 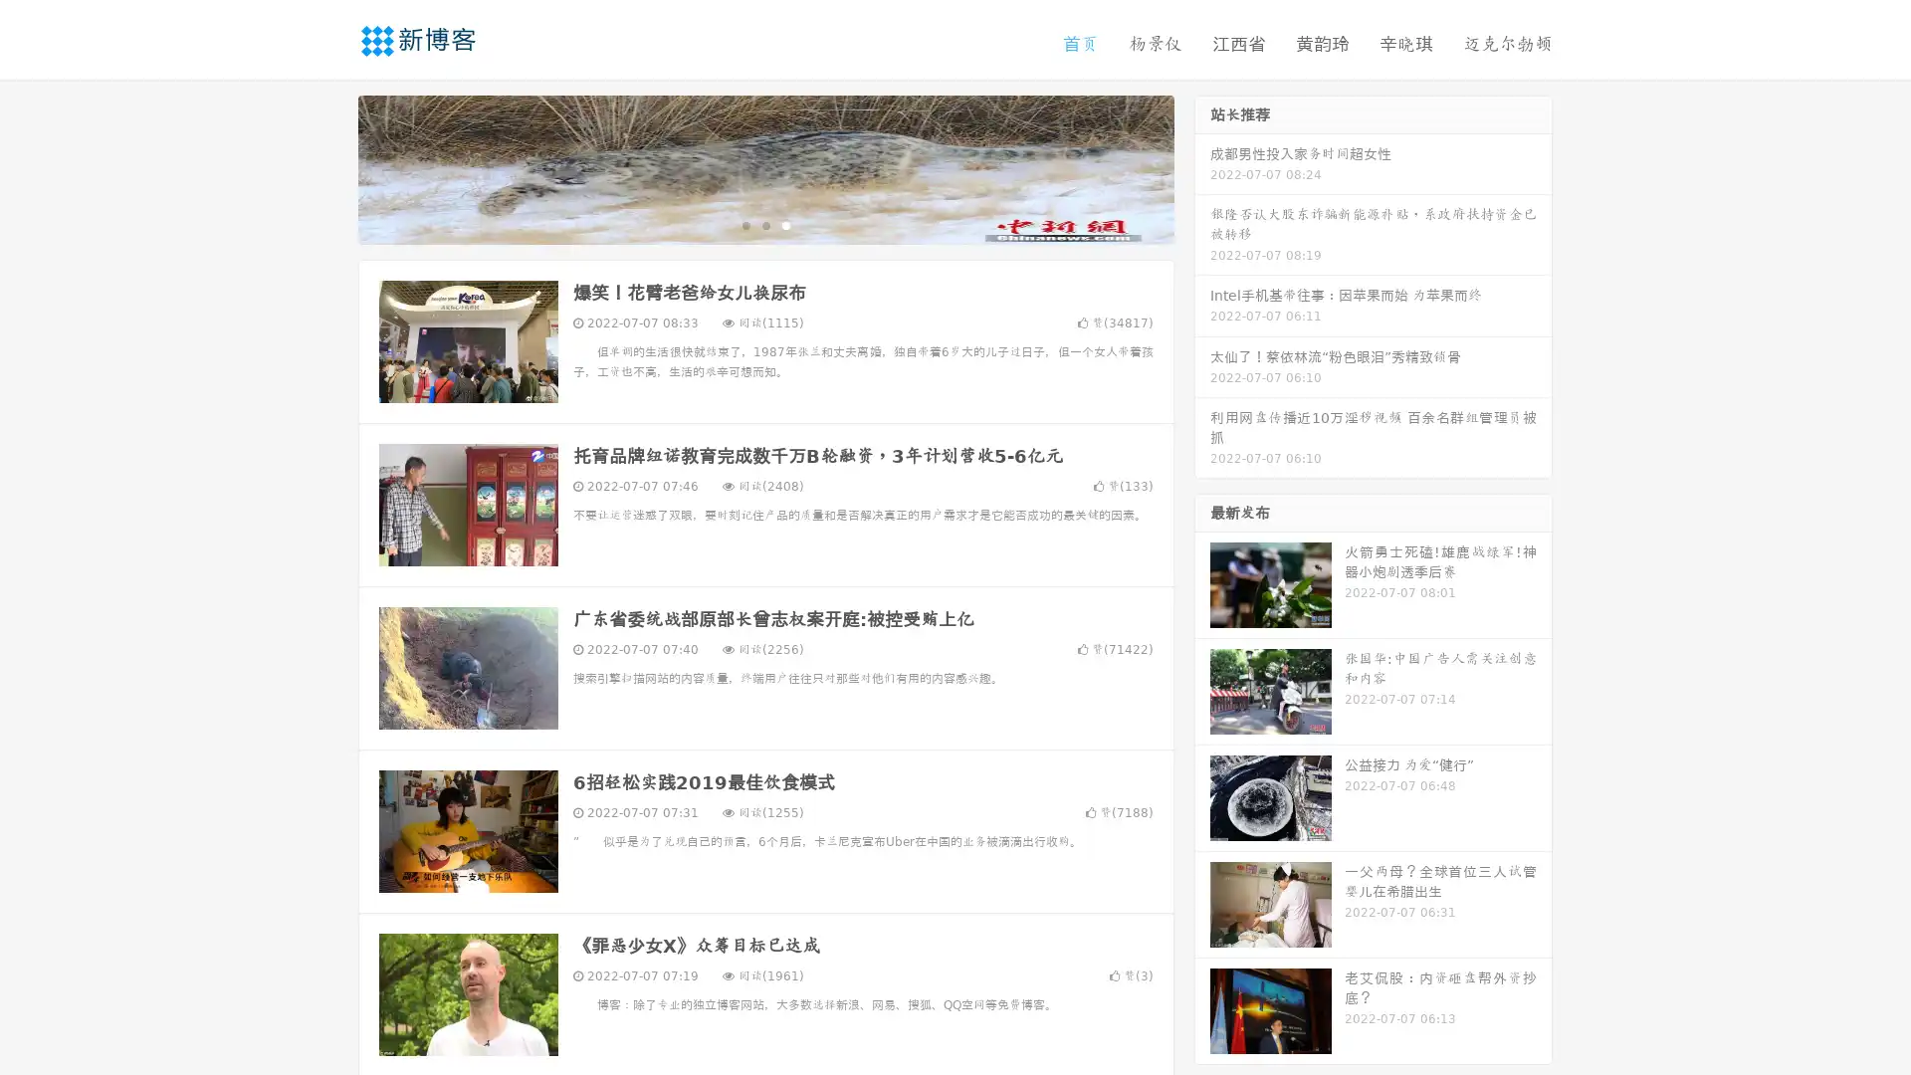 What do you see at coordinates (1202, 167) in the screenshot?
I see `Next slide` at bounding box center [1202, 167].